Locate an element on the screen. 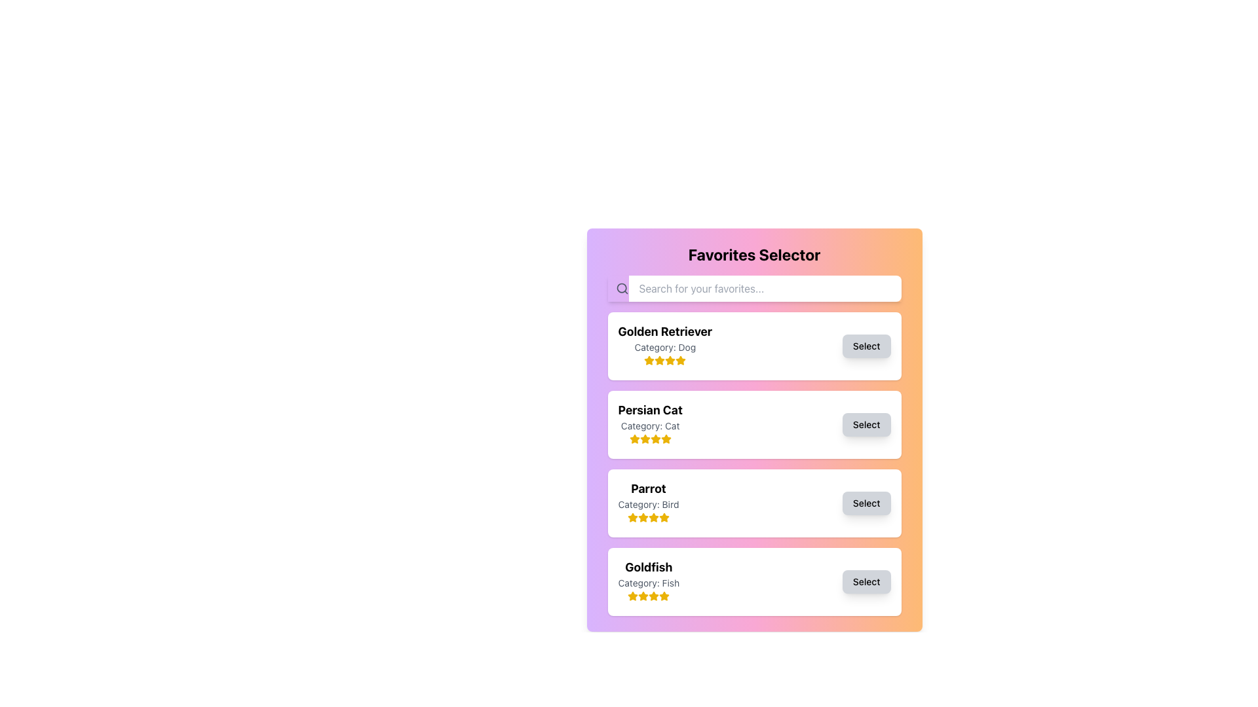 The image size is (1258, 707). the second star icon in the 5-star rating system for the 'Parrot' item in the 'Favorites Selector' is located at coordinates (632, 517).